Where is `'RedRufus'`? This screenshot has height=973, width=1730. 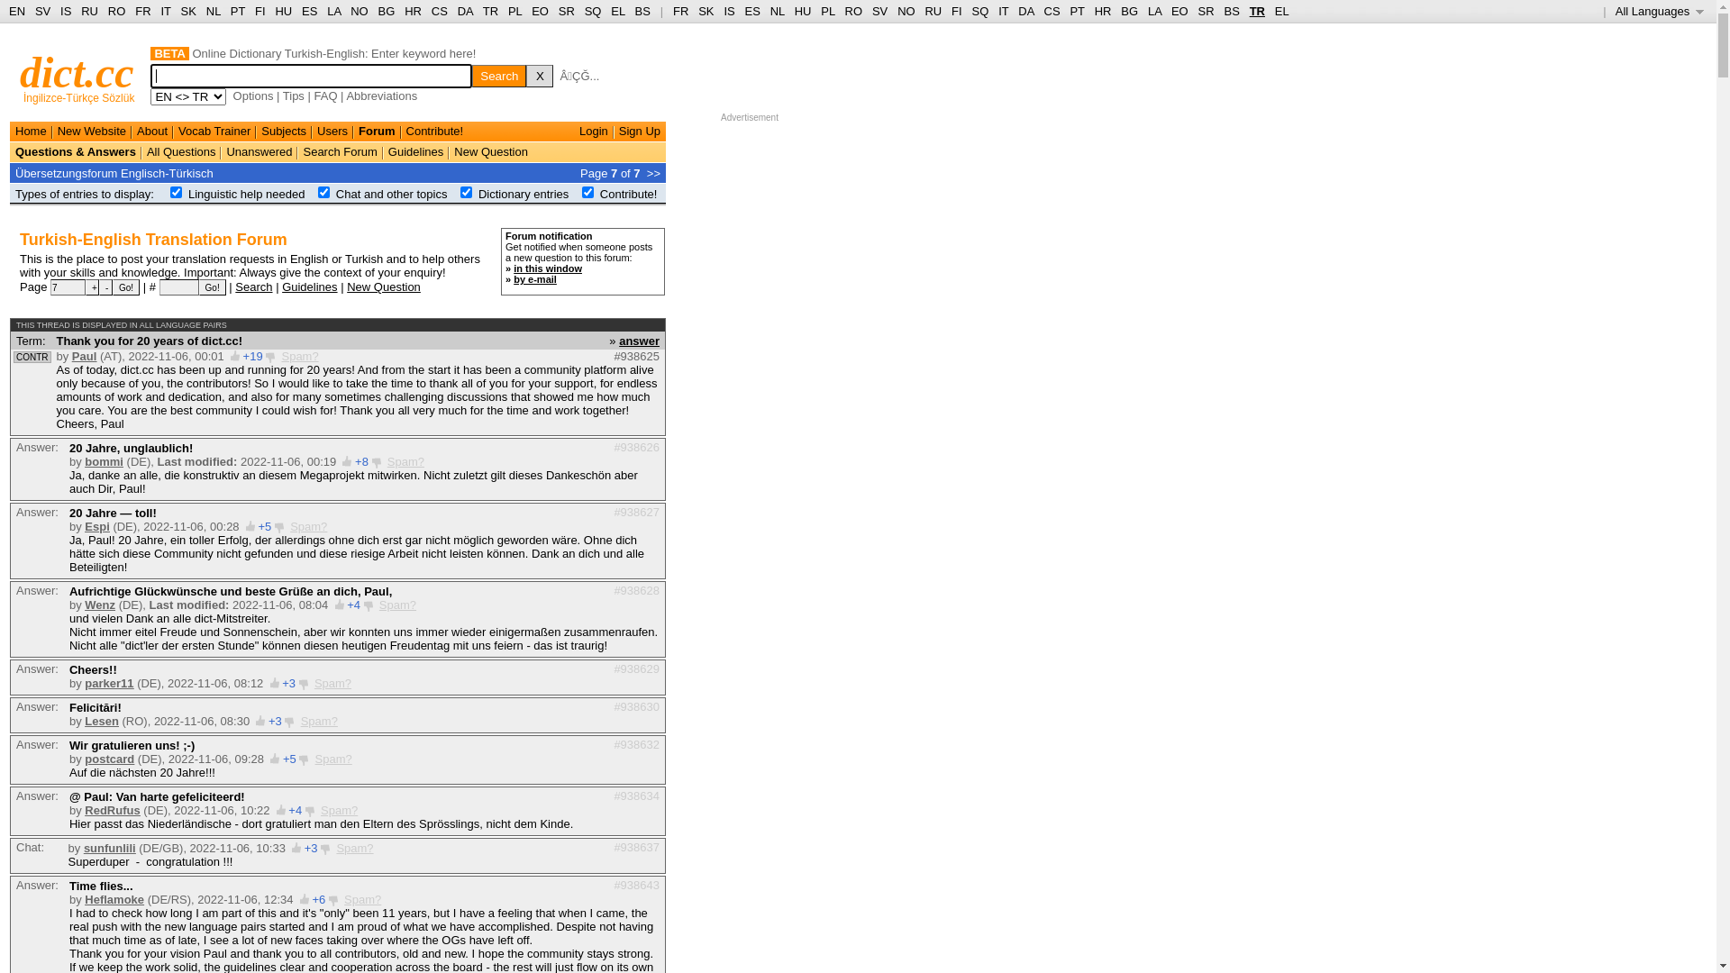
'RedRufus' is located at coordinates (111, 809).